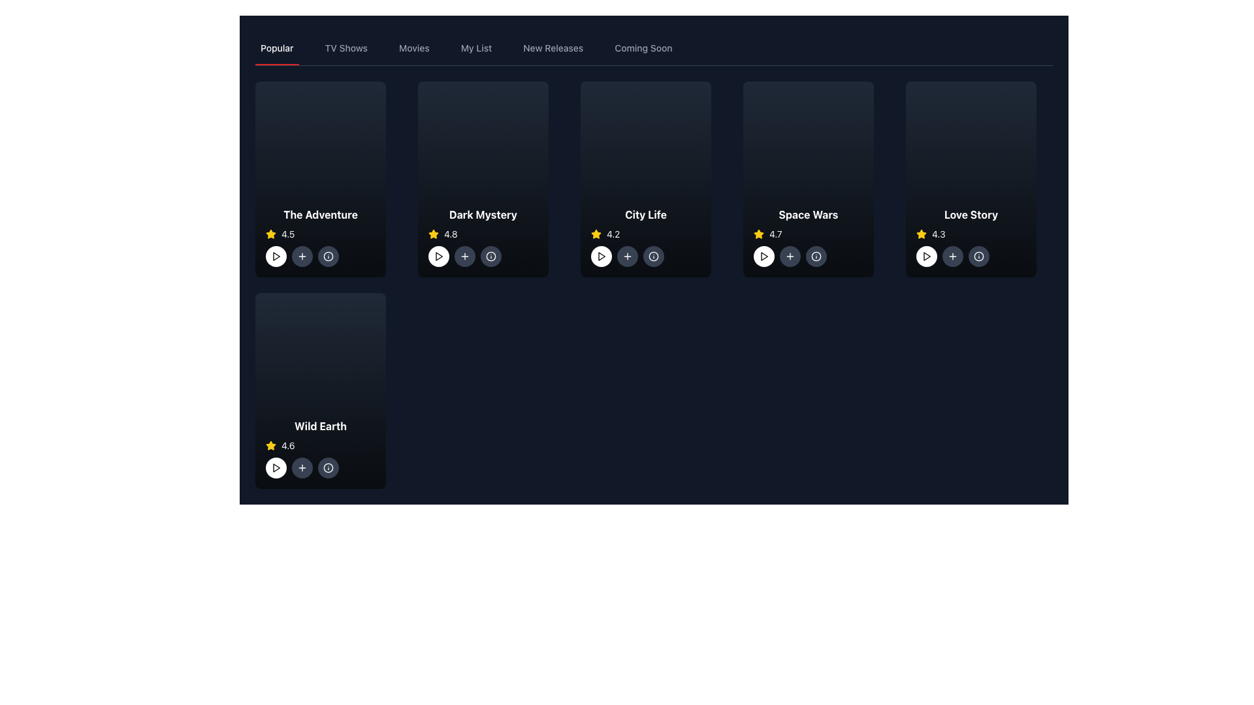  I want to click on the circular button with a dark gray background and an information icon, located at the bottom-right corner of the 'Wild Earth' card, so click(329, 467).